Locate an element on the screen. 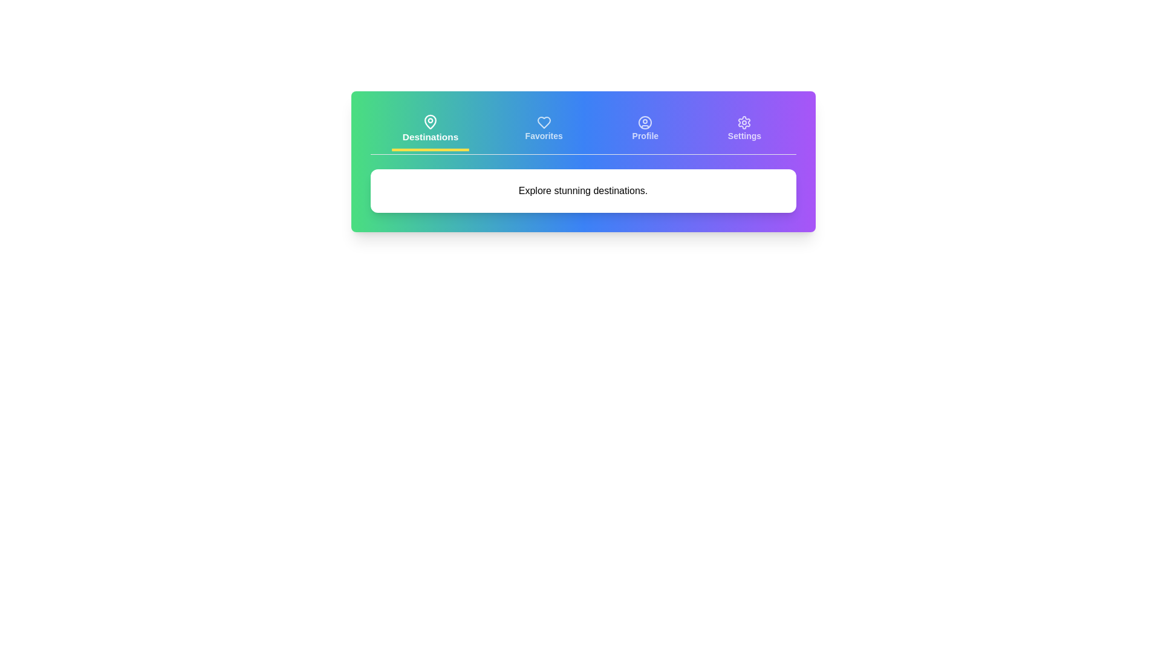 This screenshot has width=1161, height=653. the tab labeled Destinations to navigate to its content is located at coordinates (430, 130).